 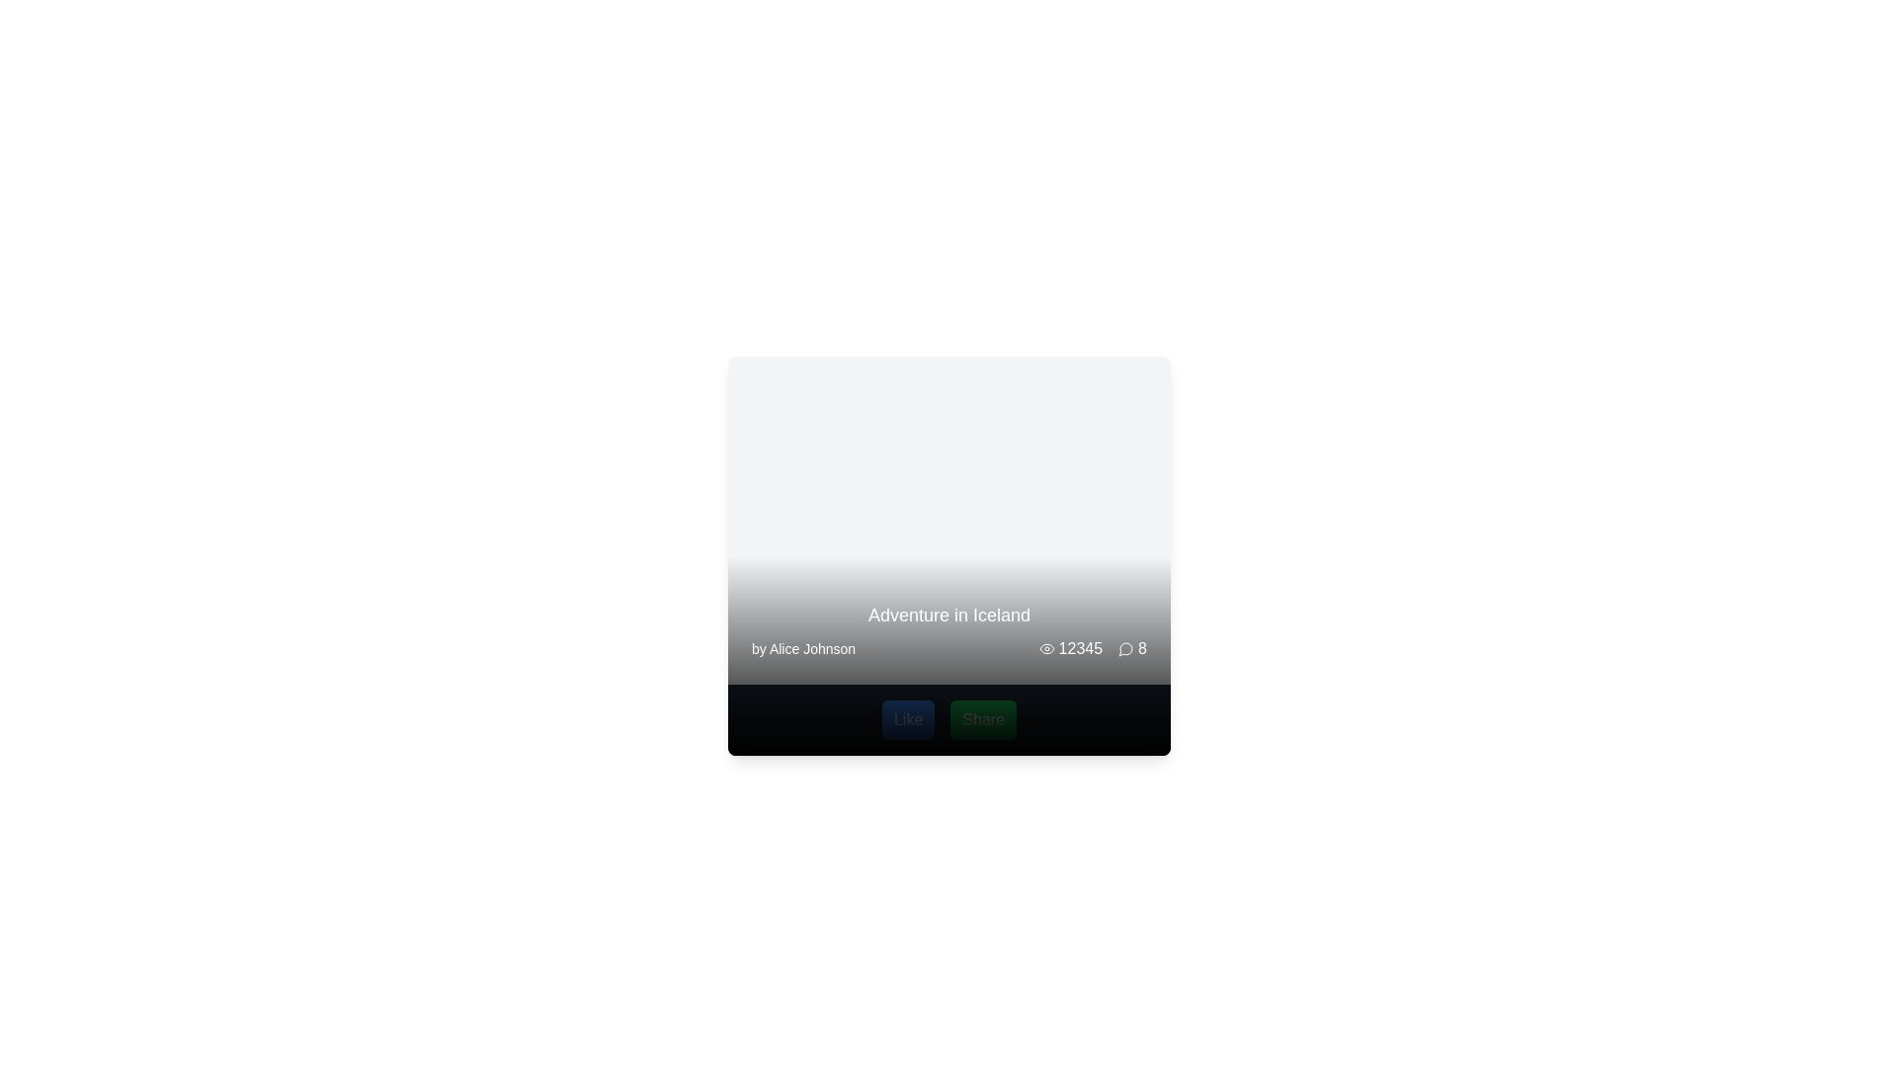 I want to click on information displayed in the Banner/Information Panel located at the bottom section of the card, above the 'Like' and 'Share' buttons, so click(x=948, y=631).